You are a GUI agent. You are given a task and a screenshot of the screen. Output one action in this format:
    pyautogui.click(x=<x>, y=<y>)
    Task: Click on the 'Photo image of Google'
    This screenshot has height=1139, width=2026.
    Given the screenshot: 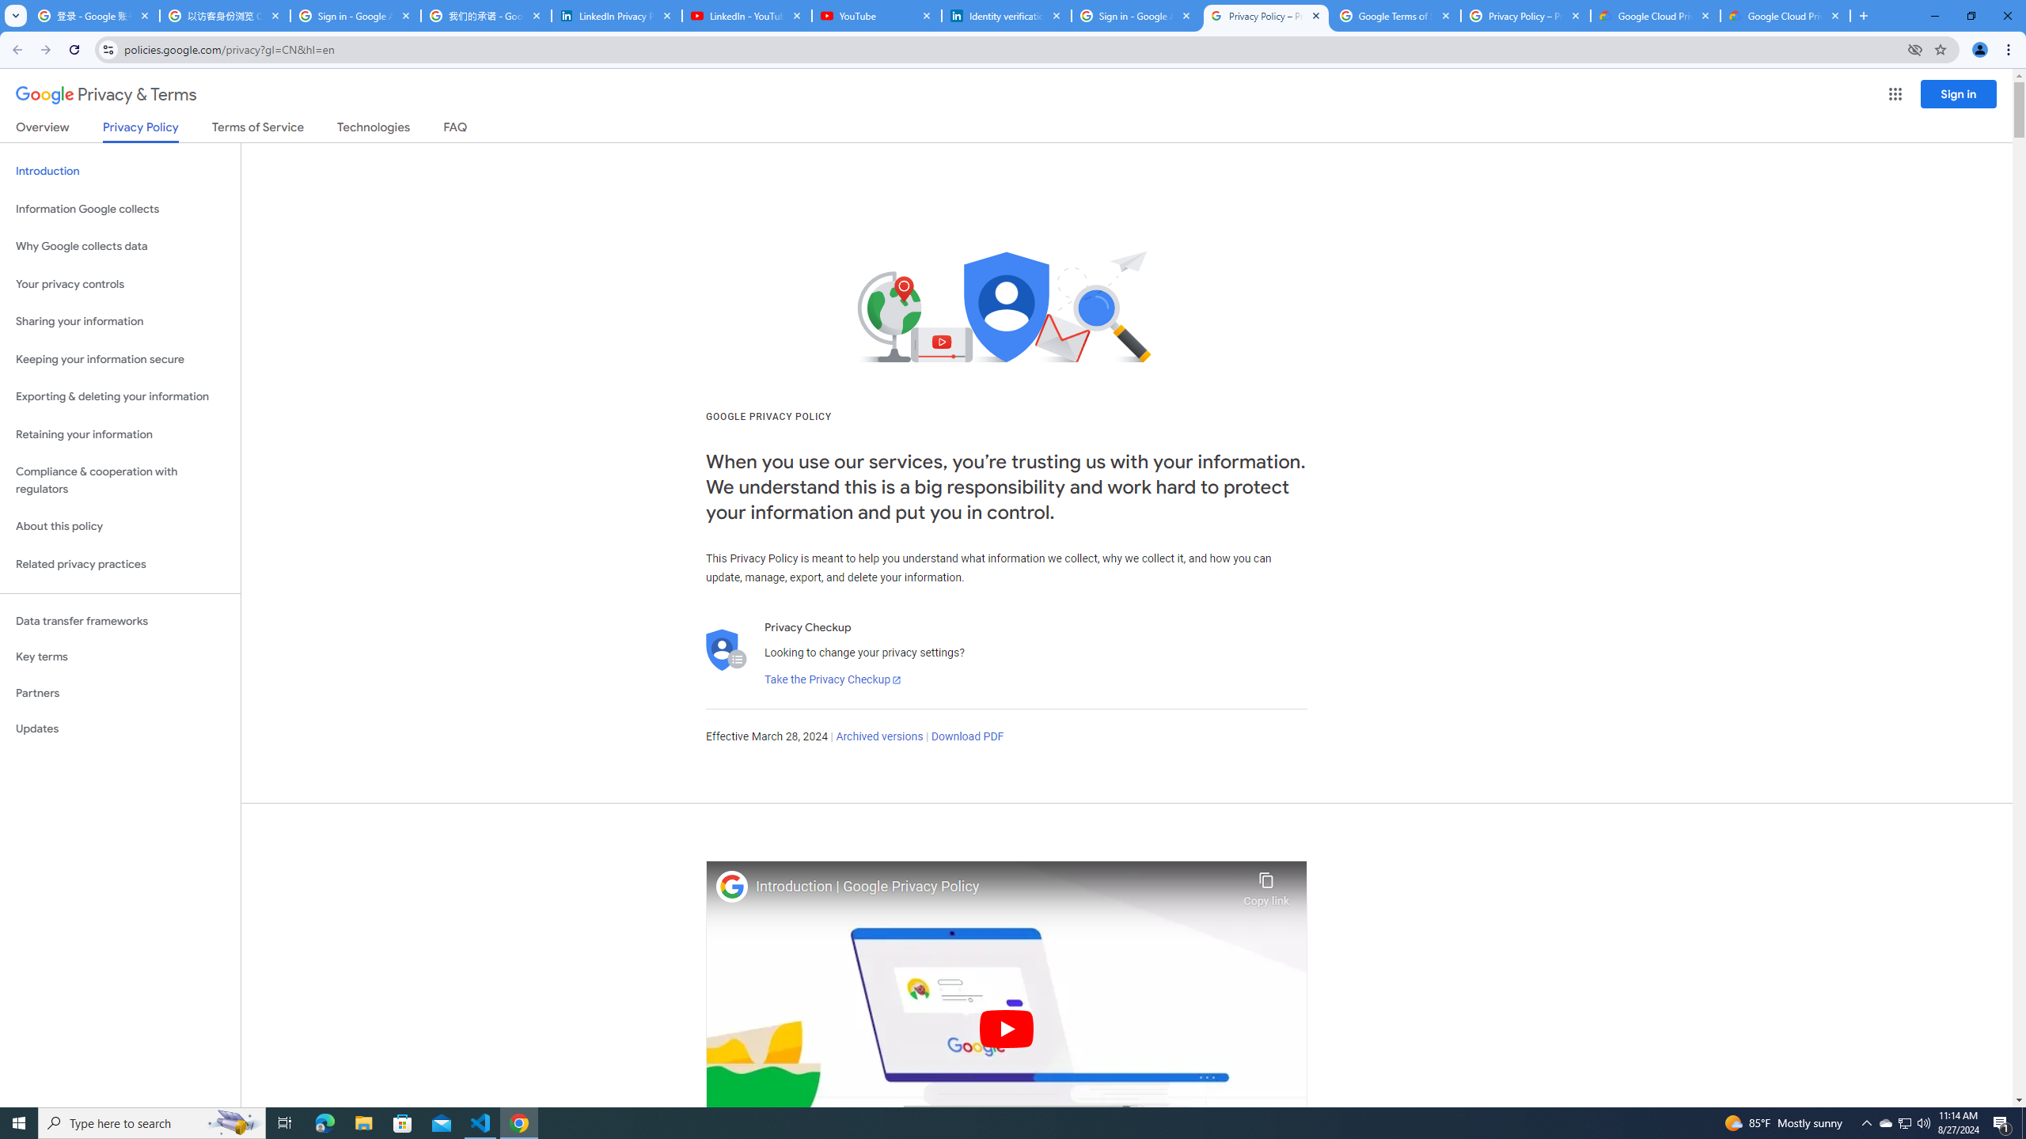 What is the action you would take?
    pyautogui.click(x=732, y=885)
    